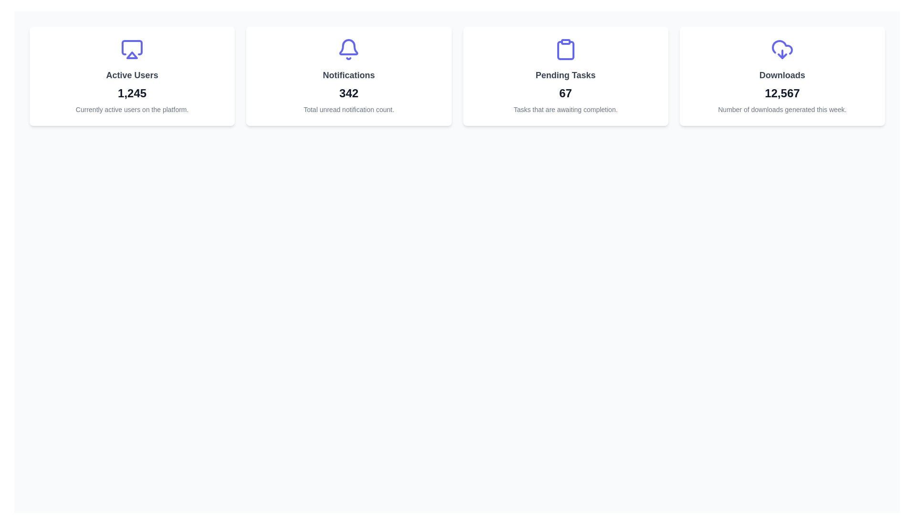 The width and height of the screenshot is (916, 515). What do you see at coordinates (565, 109) in the screenshot?
I see `text content of the last text label located at the bottom of the 'Pending Tasks' card, below the bold number '67'` at bounding box center [565, 109].